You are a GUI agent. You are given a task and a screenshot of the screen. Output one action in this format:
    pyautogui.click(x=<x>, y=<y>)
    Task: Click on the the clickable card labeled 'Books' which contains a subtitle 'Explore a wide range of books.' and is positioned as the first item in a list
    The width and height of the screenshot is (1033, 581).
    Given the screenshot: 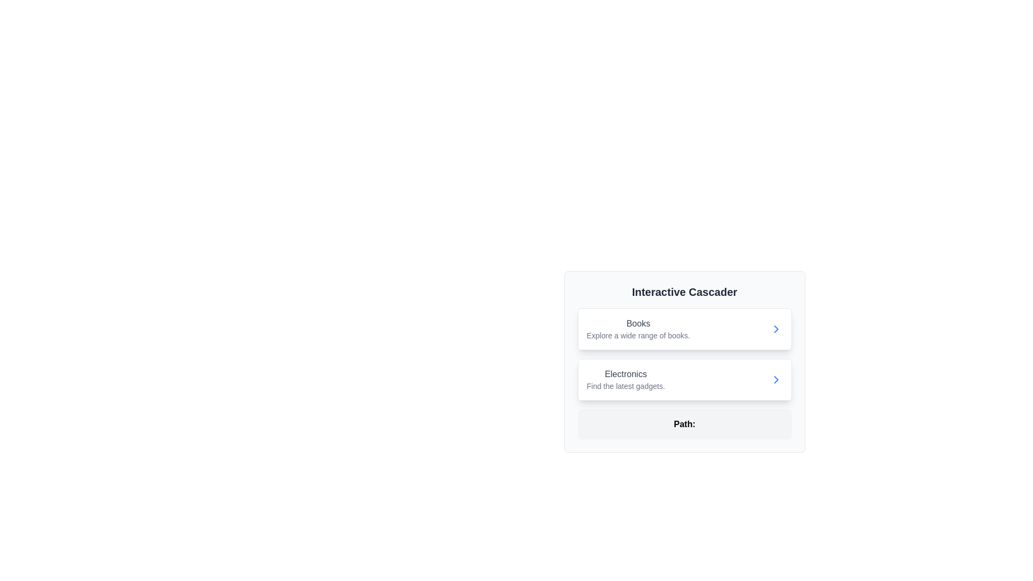 What is the action you would take?
    pyautogui.click(x=684, y=329)
    